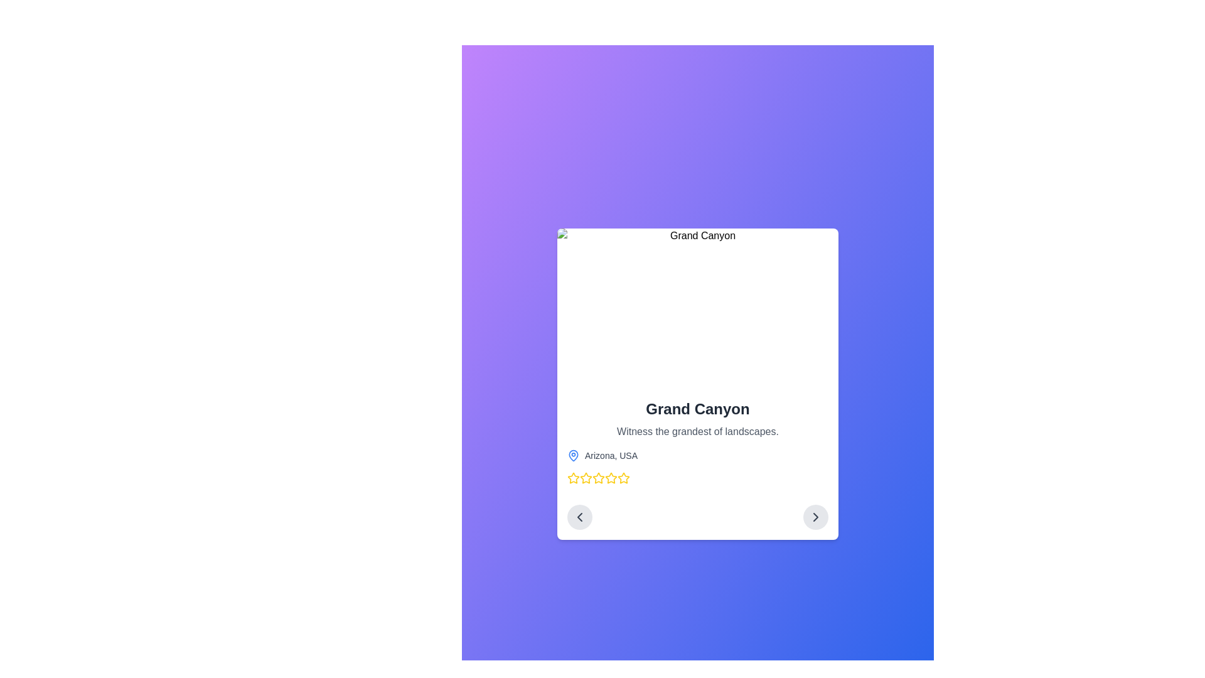  What do you see at coordinates (697, 309) in the screenshot?
I see `the static image located at the top portion of the card layout, which enhances user engagement and provides context for accompanying textual details` at bounding box center [697, 309].